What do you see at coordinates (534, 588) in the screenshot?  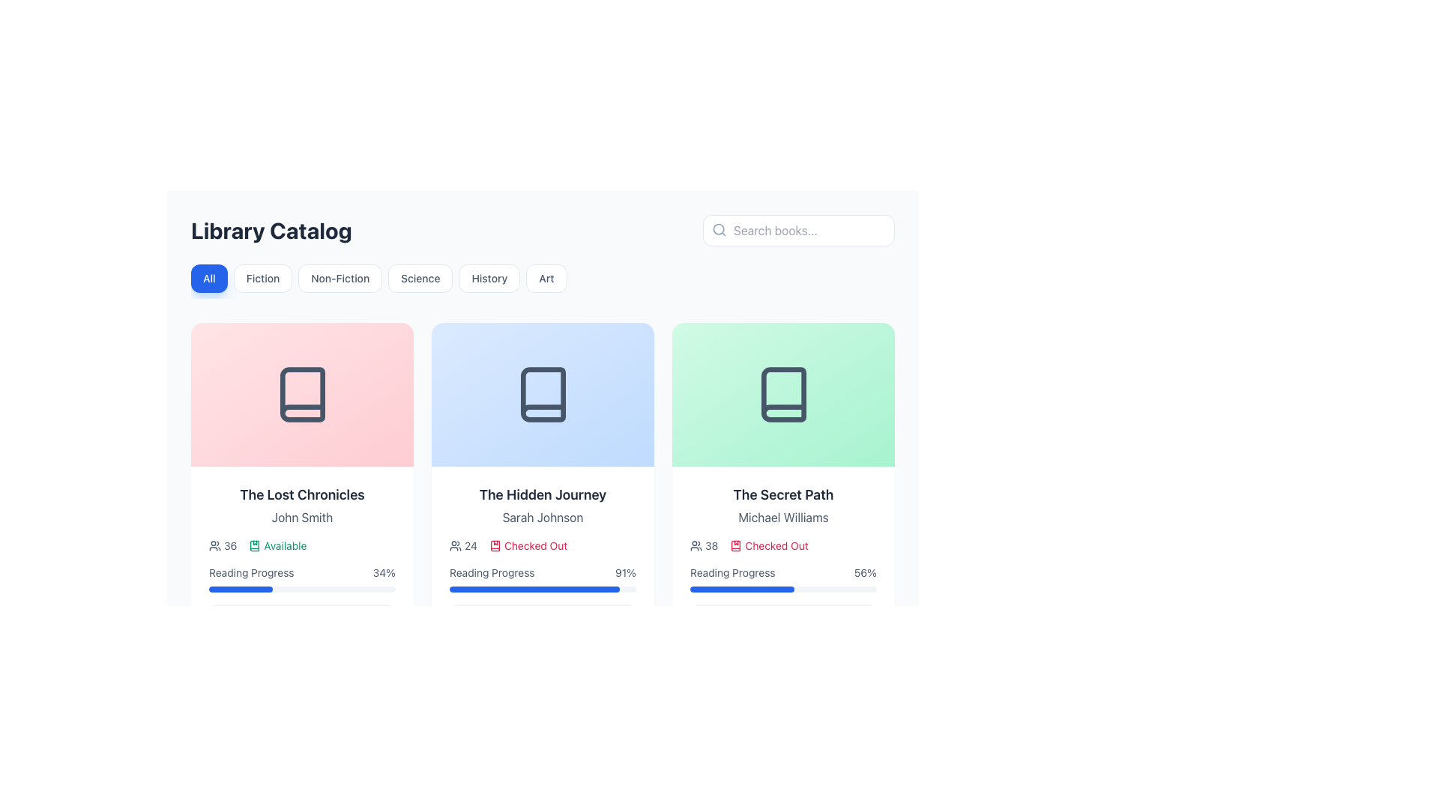 I see `the Visual Progress Bar Segment for the book 'The Hidden Journey', which visually represents the reading completion at 91%` at bounding box center [534, 588].